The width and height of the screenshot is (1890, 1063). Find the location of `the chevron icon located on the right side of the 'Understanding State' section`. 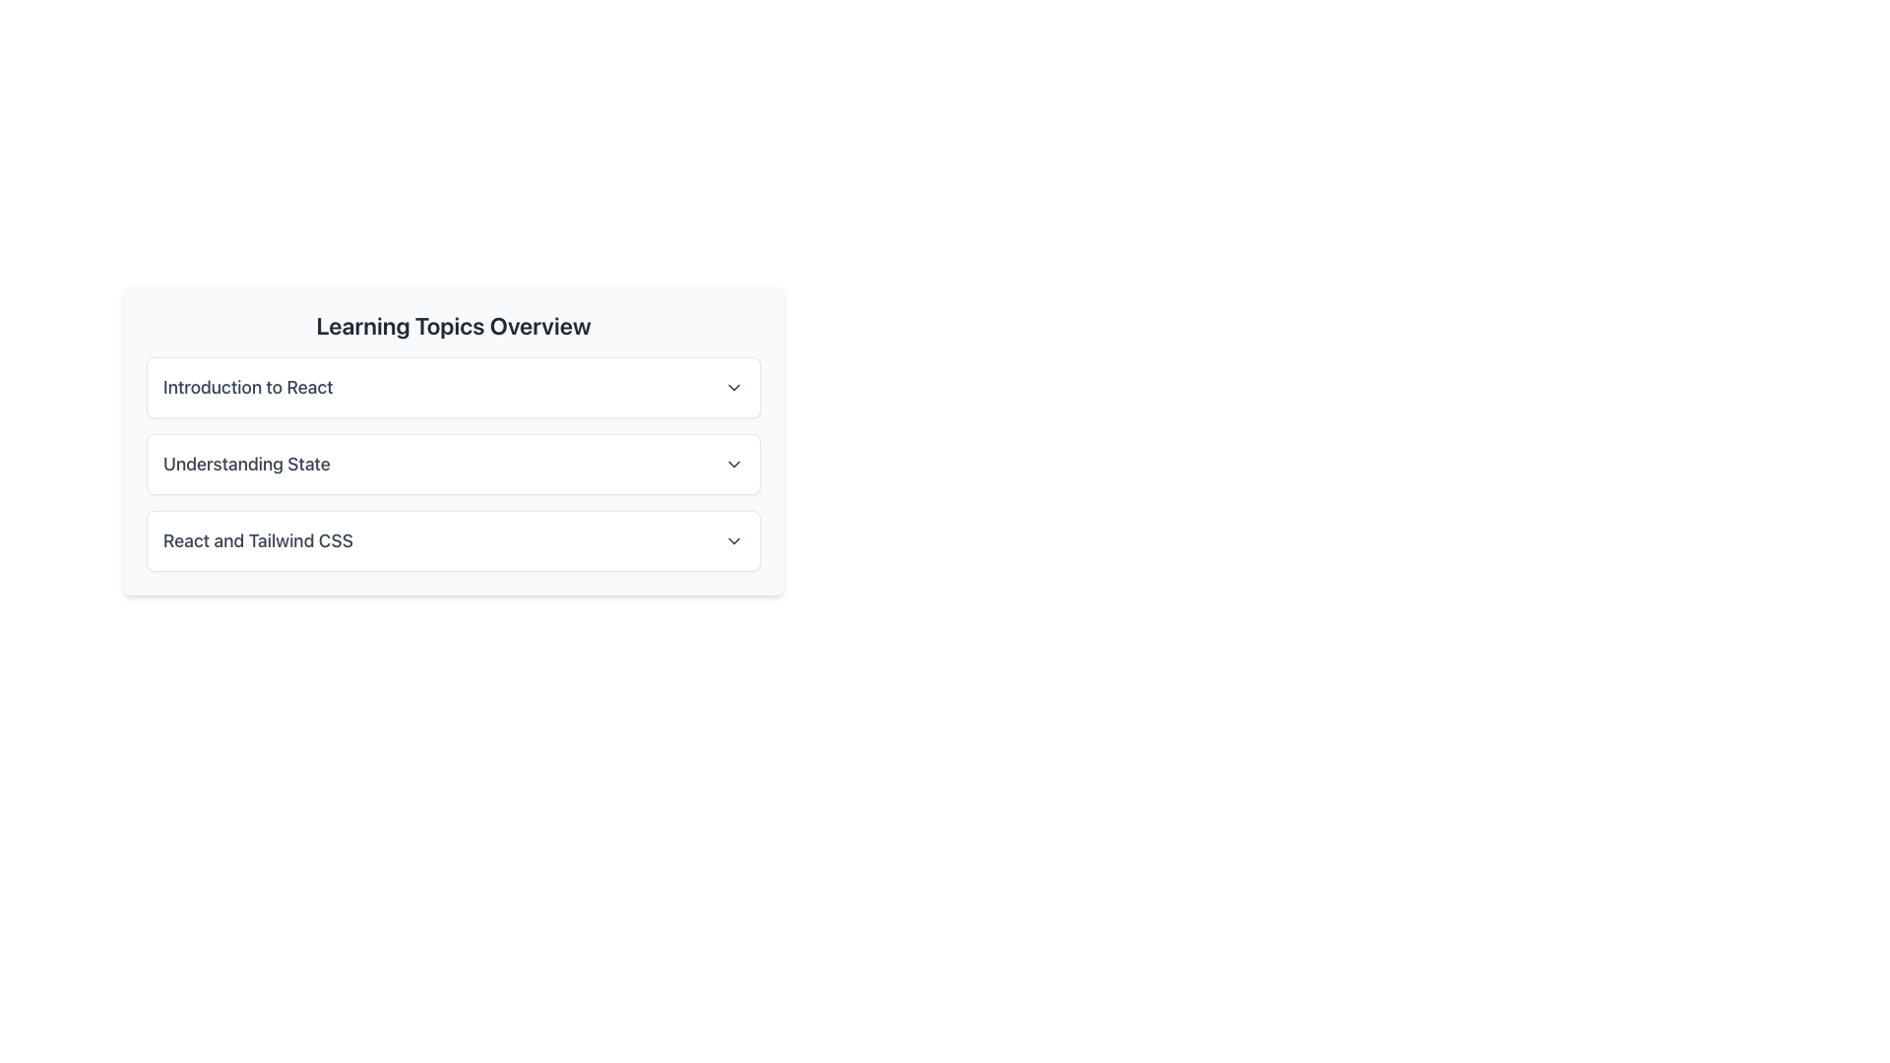

the chevron icon located on the right side of the 'Understanding State' section is located at coordinates (732, 464).